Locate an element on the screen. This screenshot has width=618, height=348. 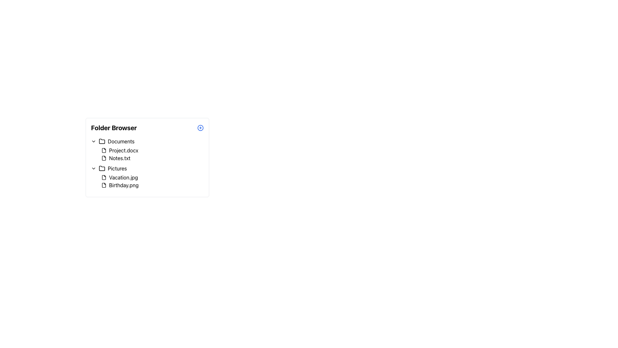
the 'Documents' folder entry in the folder browser is located at coordinates (147, 141).